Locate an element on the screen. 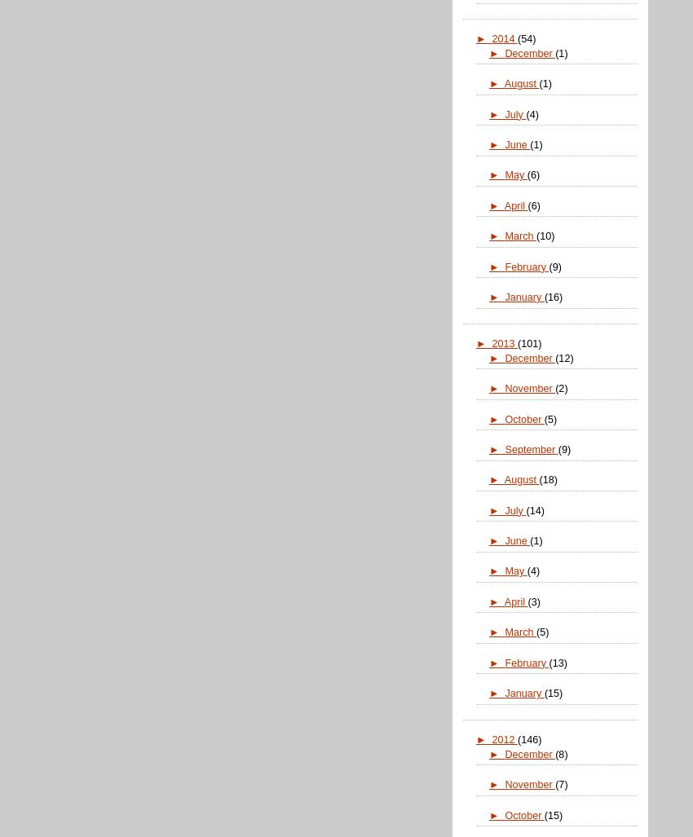 The height and width of the screenshot is (837, 693). '2013' is located at coordinates (490, 342).